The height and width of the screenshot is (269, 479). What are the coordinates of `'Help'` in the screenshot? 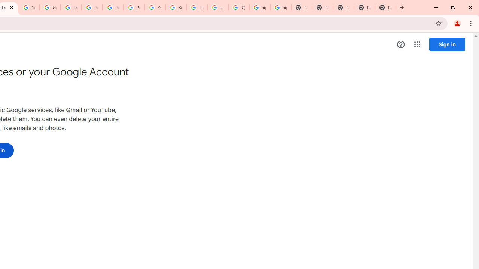 It's located at (400, 44).